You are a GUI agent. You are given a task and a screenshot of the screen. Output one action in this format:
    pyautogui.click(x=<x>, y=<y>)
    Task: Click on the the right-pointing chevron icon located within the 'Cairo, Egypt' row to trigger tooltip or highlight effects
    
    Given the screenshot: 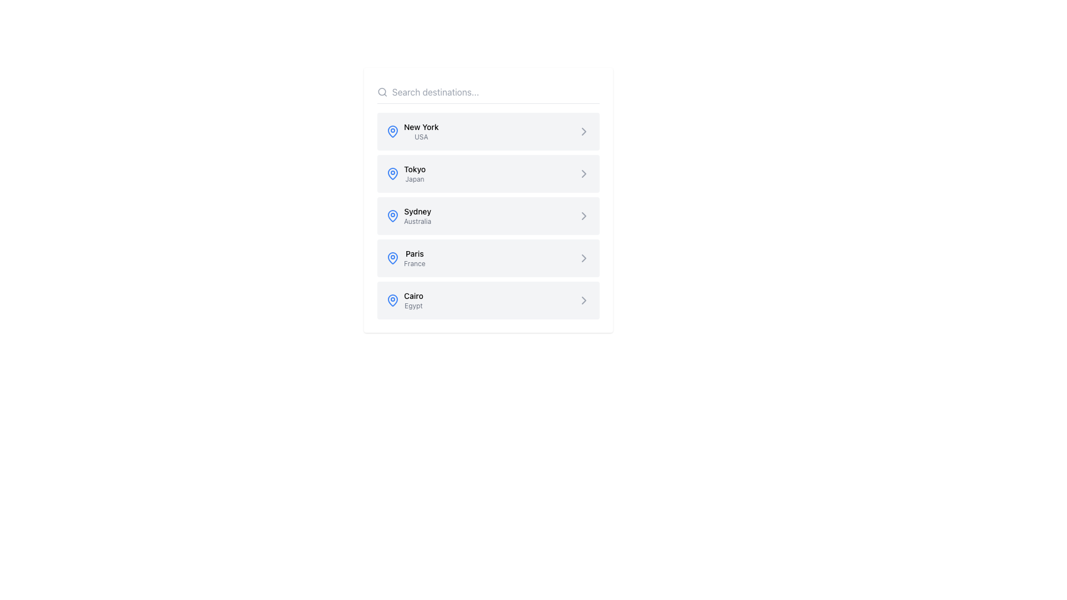 What is the action you would take?
    pyautogui.click(x=584, y=300)
    